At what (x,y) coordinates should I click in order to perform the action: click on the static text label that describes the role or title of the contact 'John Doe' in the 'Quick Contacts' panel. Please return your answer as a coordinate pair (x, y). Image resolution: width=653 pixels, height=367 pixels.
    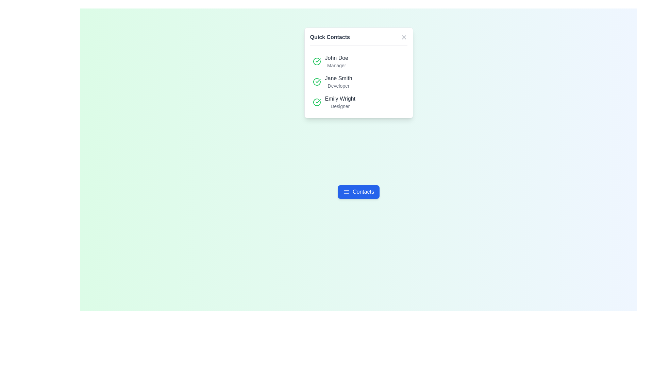
    Looking at the image, I should click on (336, 65).